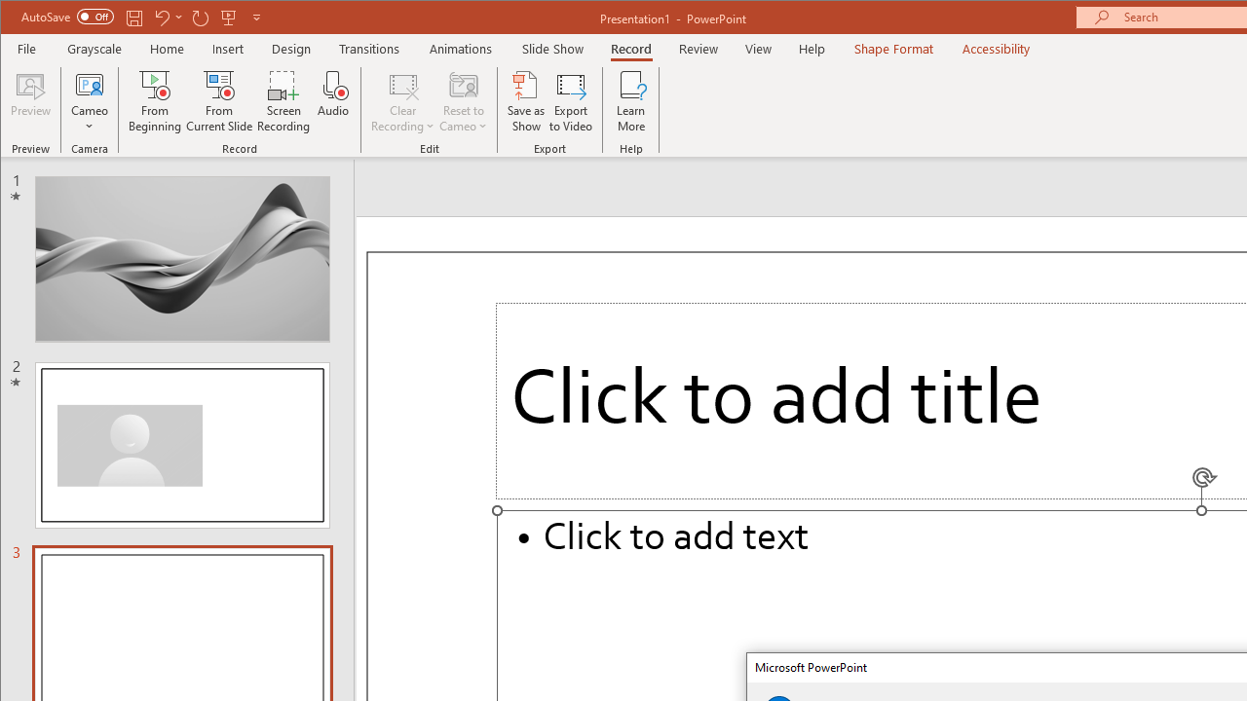 Image resolution: width=1247 pixels, height=701 pixels. I want to click on 'Reset to Cameo', so click(463, 101).